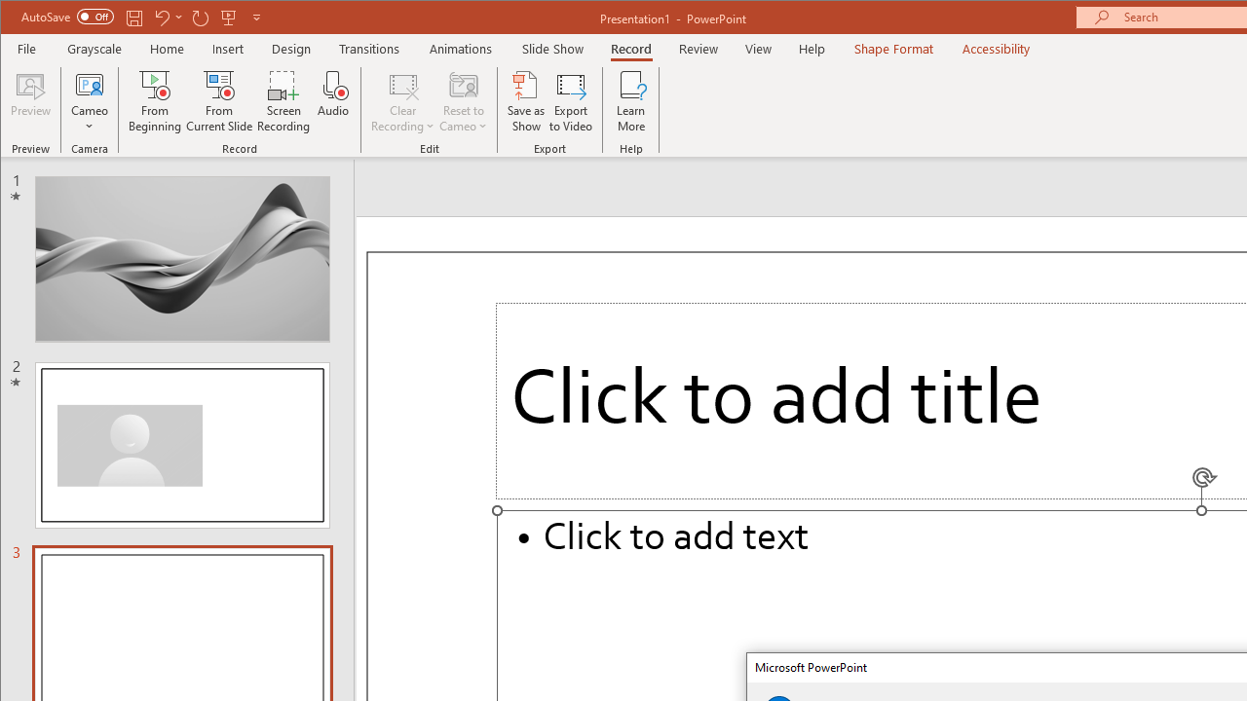 Image resolution: width=1247 pixels, height=701 pixels. I want to click on 'Reset to Cameo', so click(463, 101).